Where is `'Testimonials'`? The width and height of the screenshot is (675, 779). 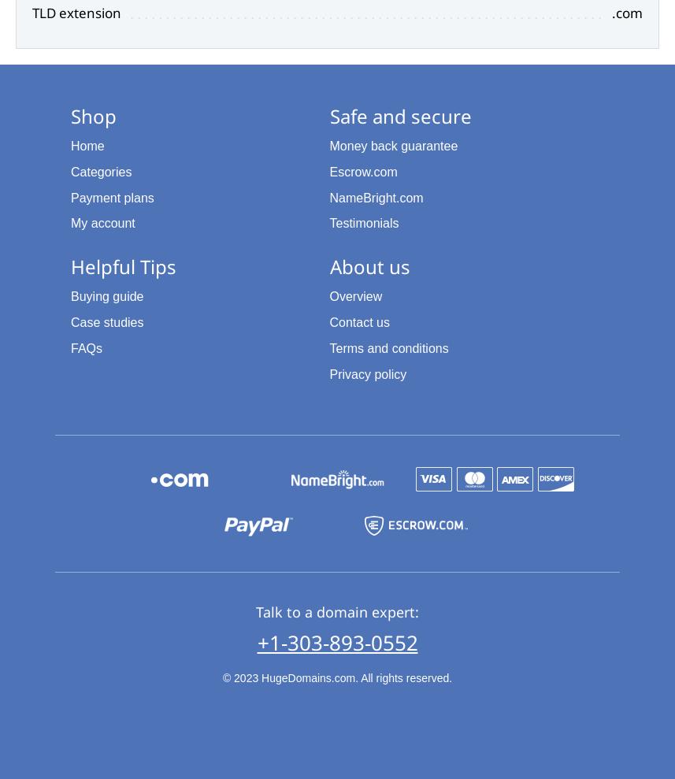
'Testimonials' is located at coordinates (363, 223).